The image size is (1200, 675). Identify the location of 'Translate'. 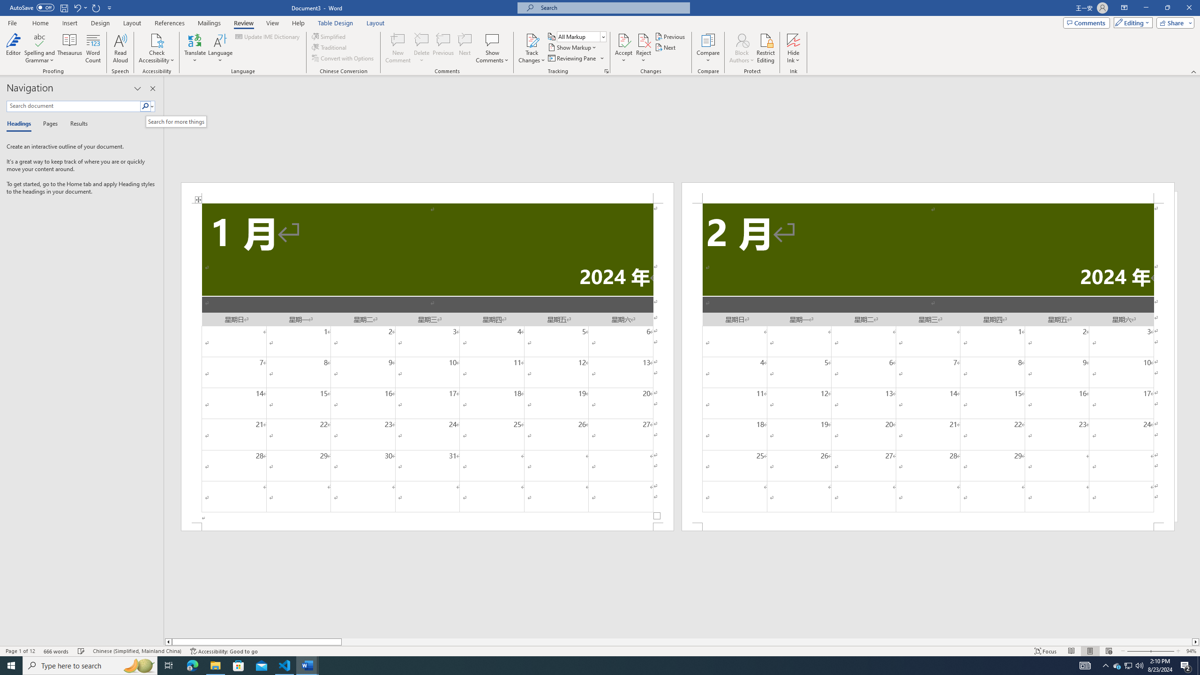
(195, 48).